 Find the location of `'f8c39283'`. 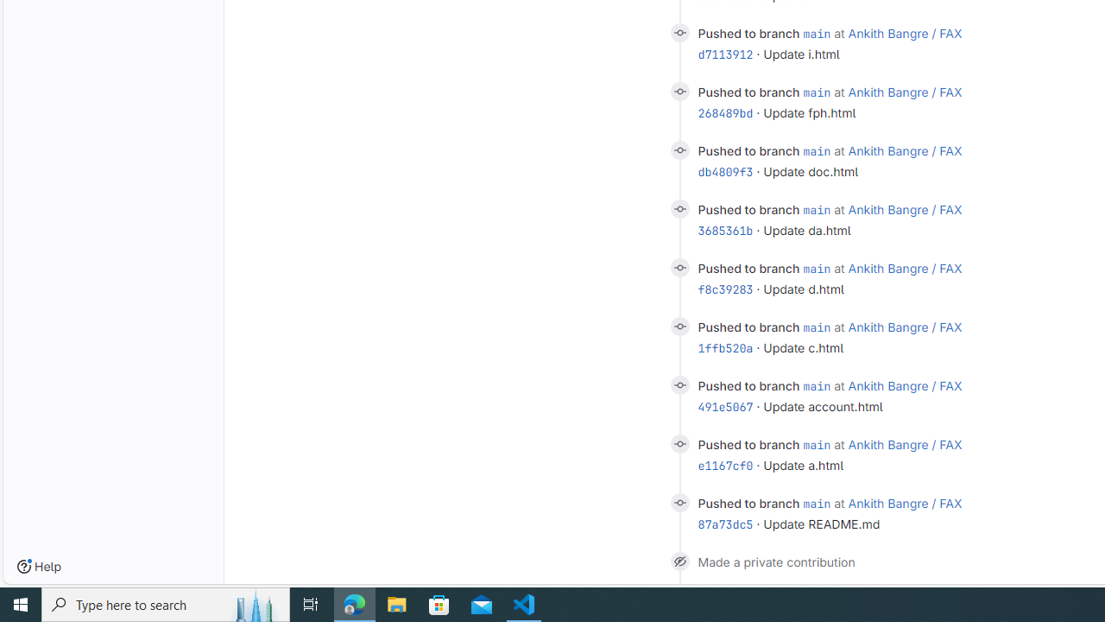

'f8c39283' is located at coordinates (725, 289).